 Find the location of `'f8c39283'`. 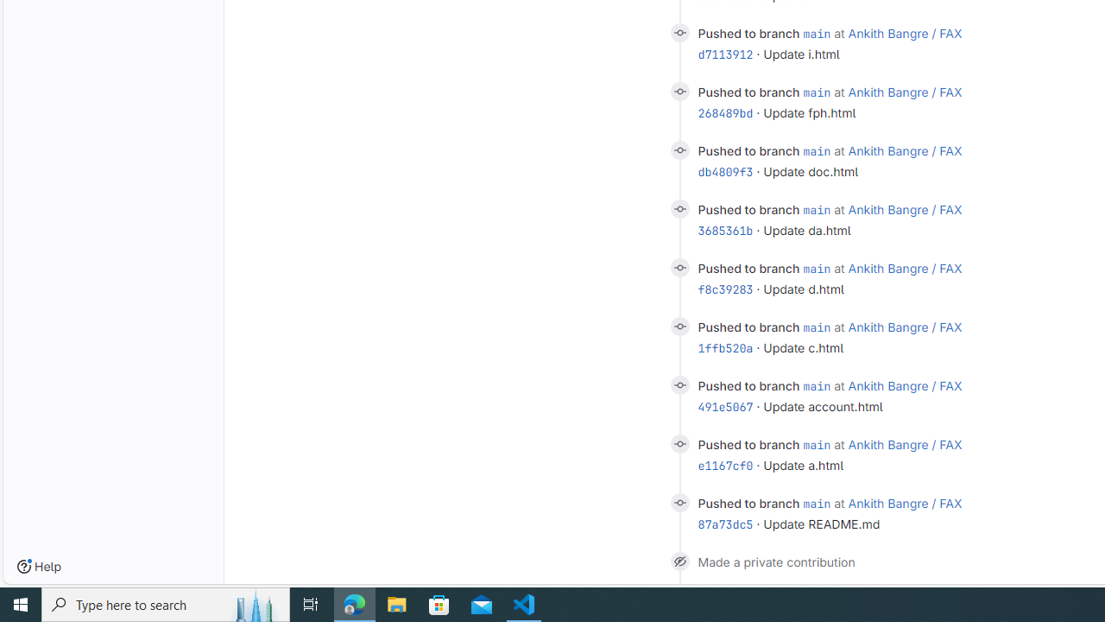

'f8c39283' is located at coordinates (725, 289).